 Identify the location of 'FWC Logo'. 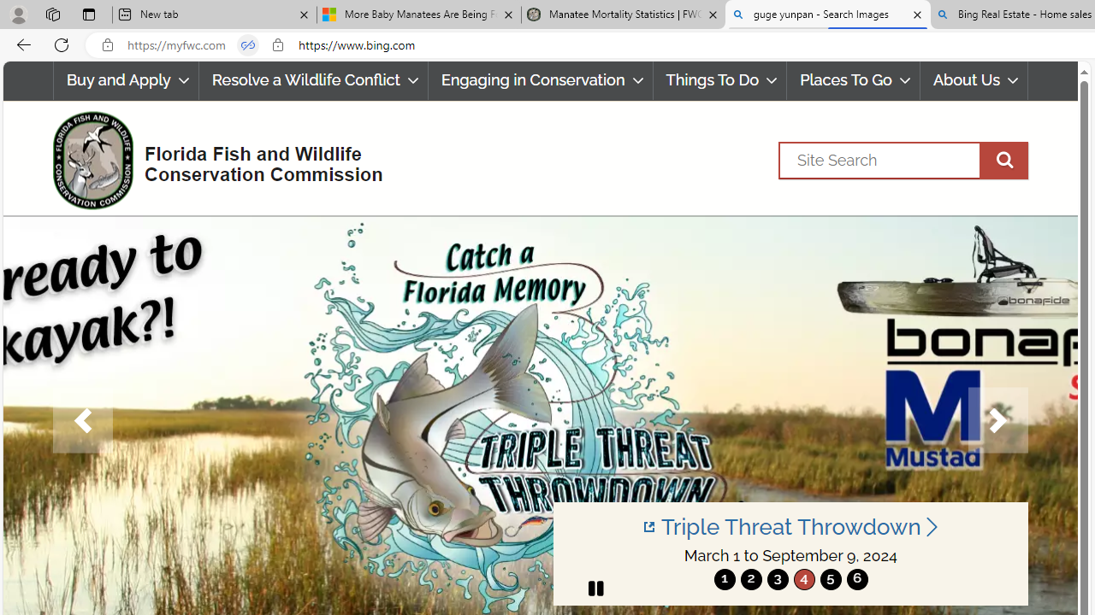
(92, 160).